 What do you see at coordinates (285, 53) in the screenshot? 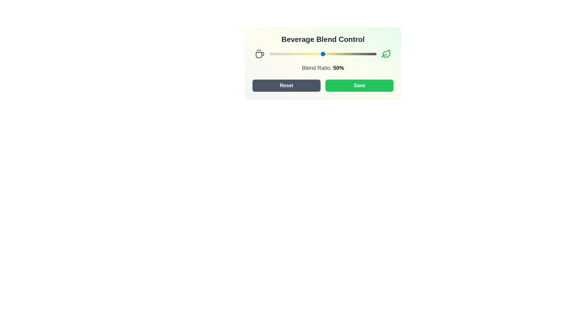
I see `the blend ratio to 15%` at bounding box center [285, 53].